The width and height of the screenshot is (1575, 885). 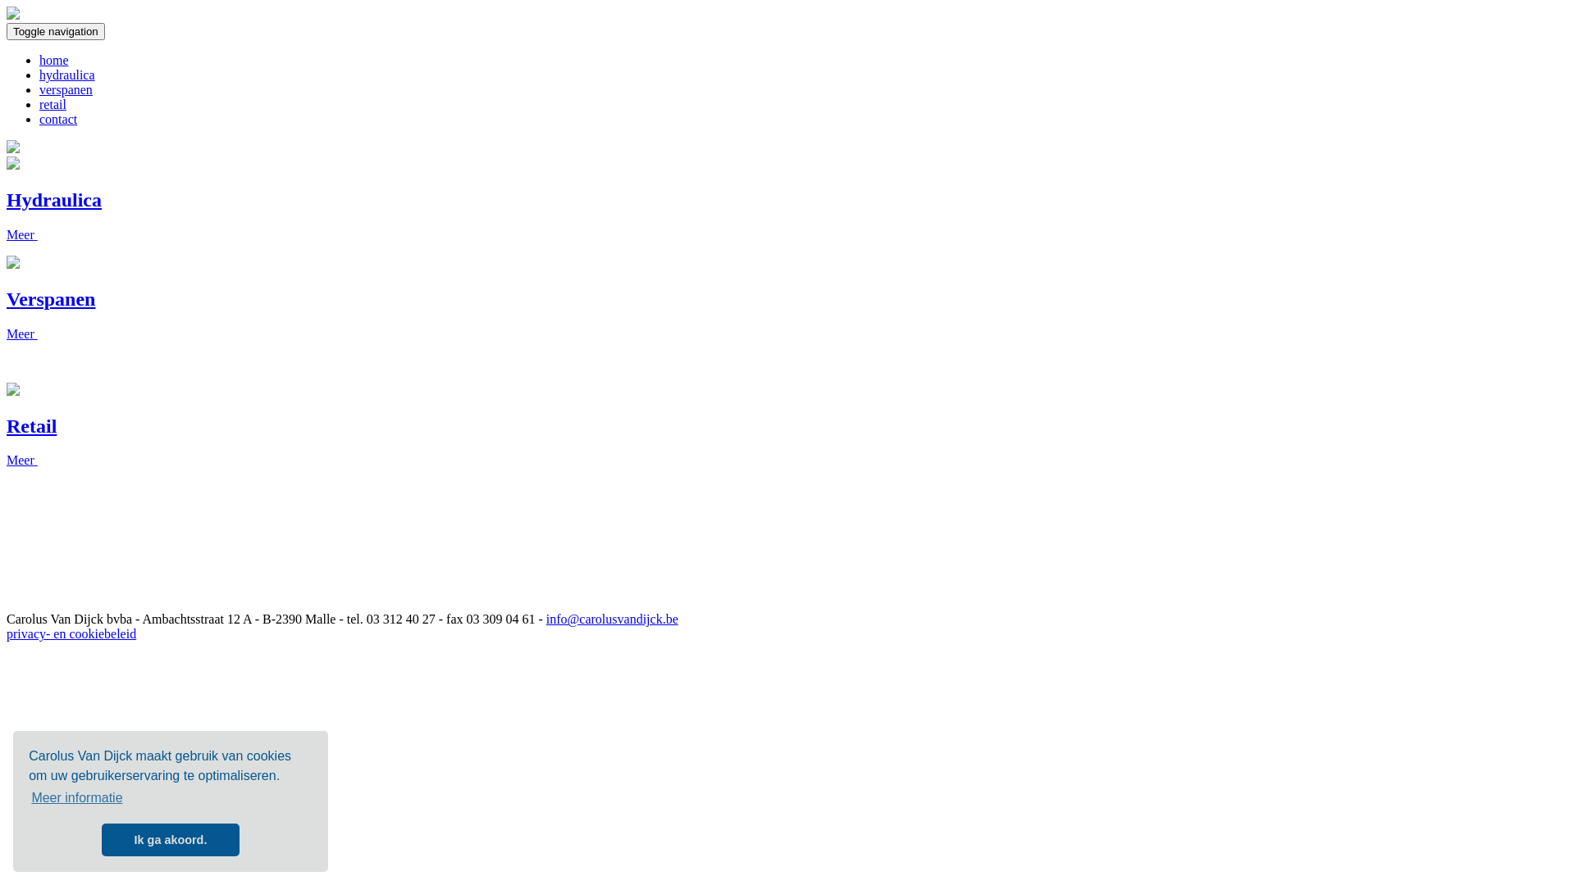 What do you see at coordinates (51, 299) in the screenshot?
I see `'Verspanen'` at bounding box center [51, 299].